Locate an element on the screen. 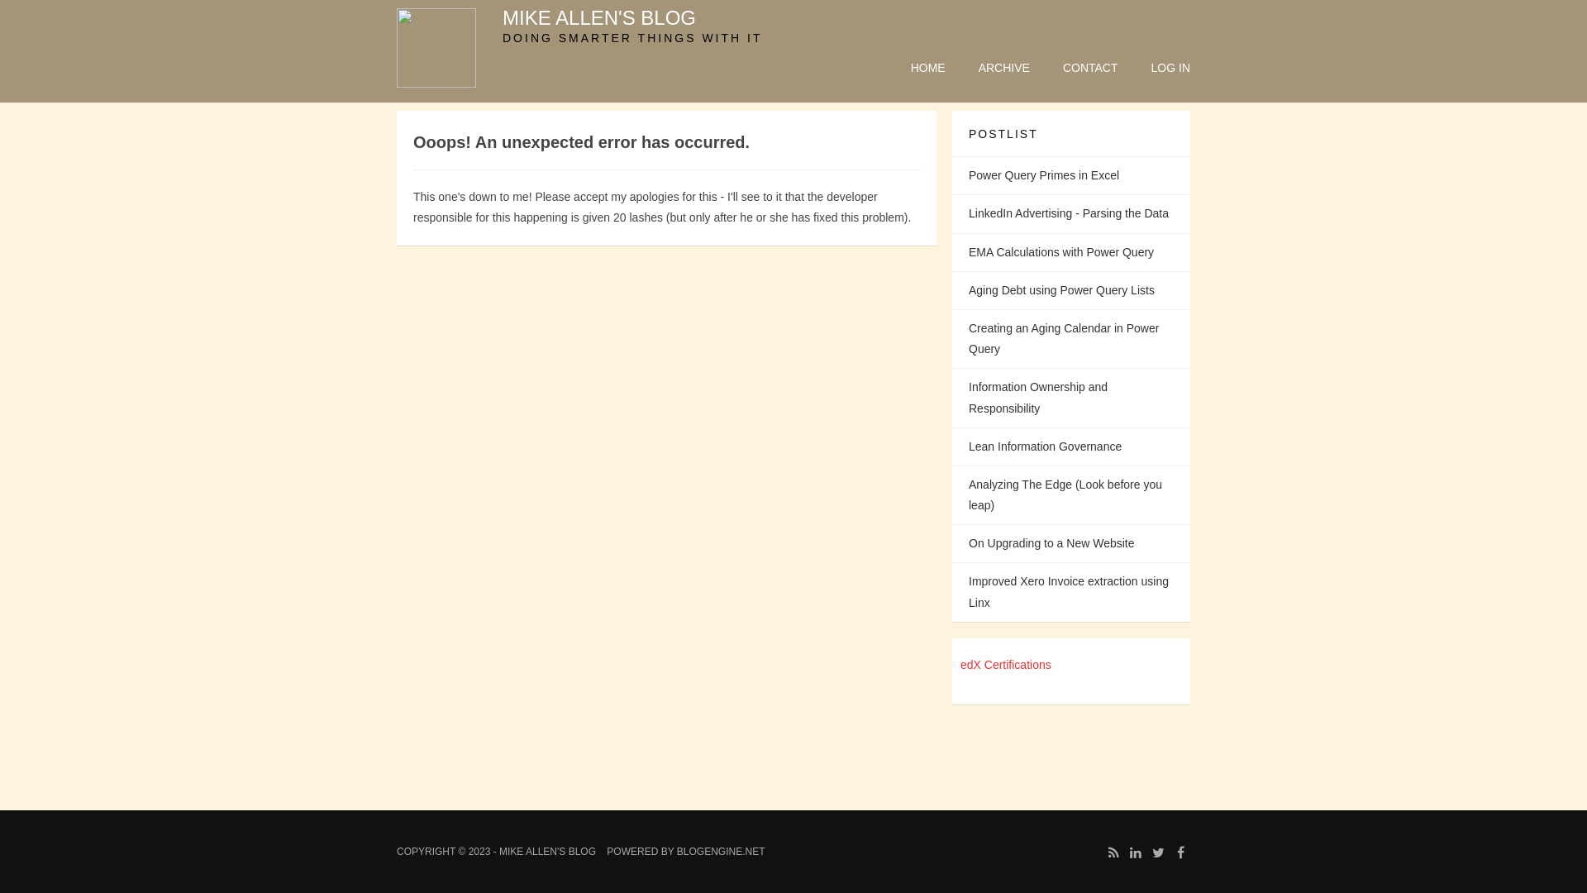 The width and height of the screenshot is (1587, 893). 'On Upgrading to a New Website' is located at coordinates (1071, 543).